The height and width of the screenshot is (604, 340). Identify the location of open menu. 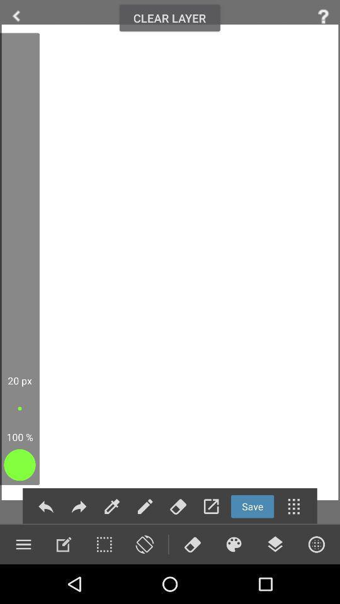
(23, 544).